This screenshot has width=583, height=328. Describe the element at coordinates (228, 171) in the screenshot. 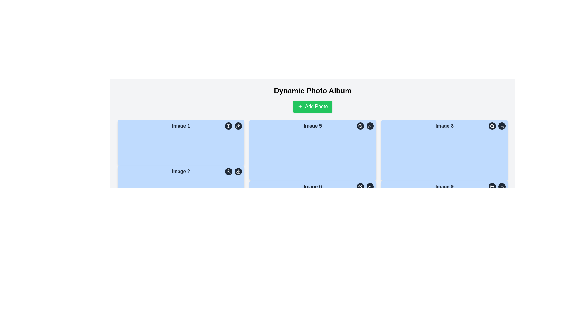

I see `the zoom-in button located at the top-right corner of 'Image 2' to observe the hover effect` at that location.